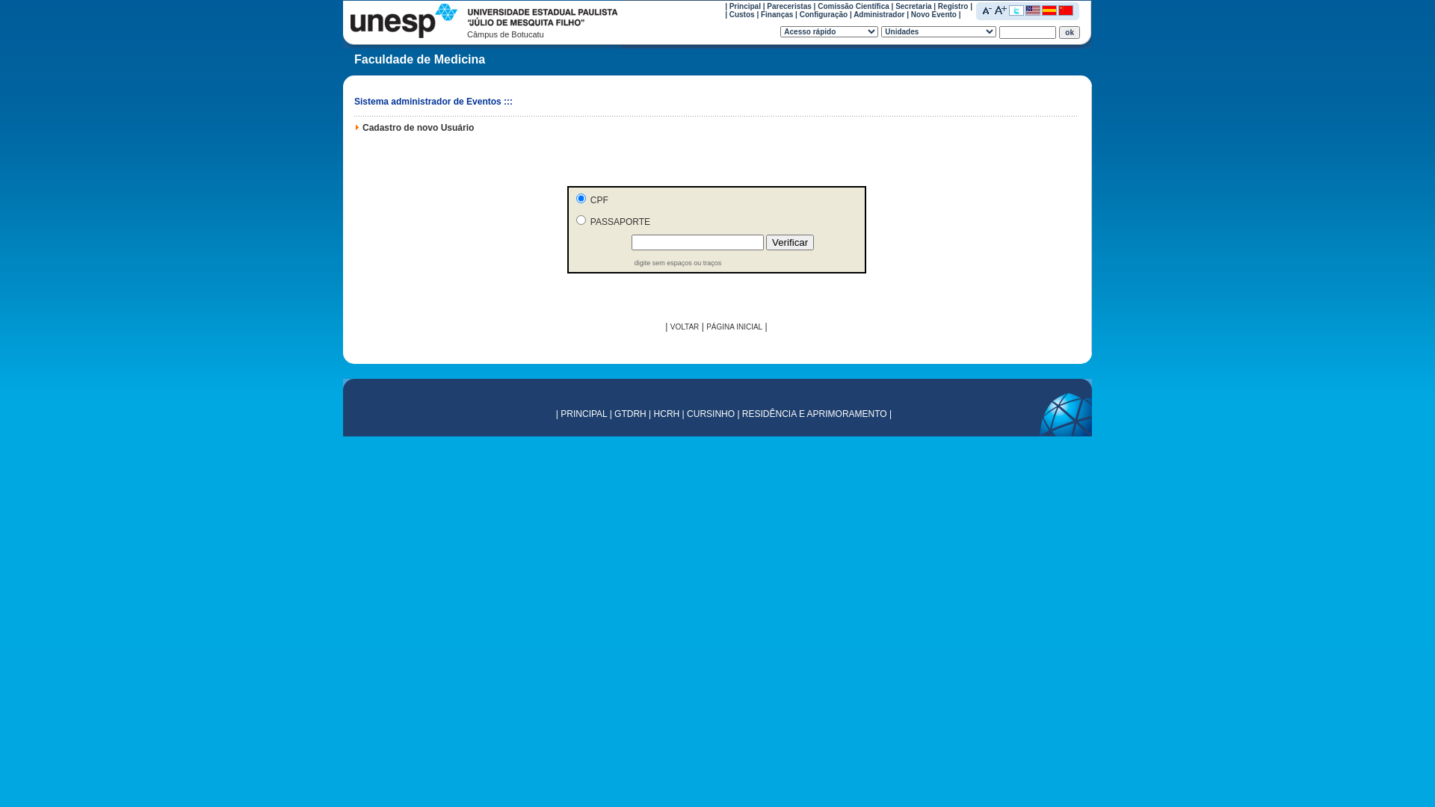 The height and width of the screenshot is (807, 1435). I want to click on 'PRINCIPAL', so click(583, 414).